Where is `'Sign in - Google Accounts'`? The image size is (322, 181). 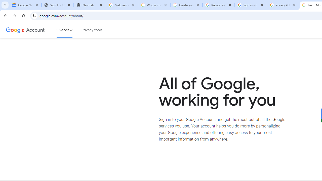
'Sign in - Google Accounts' is located at coordinates (251, 5).